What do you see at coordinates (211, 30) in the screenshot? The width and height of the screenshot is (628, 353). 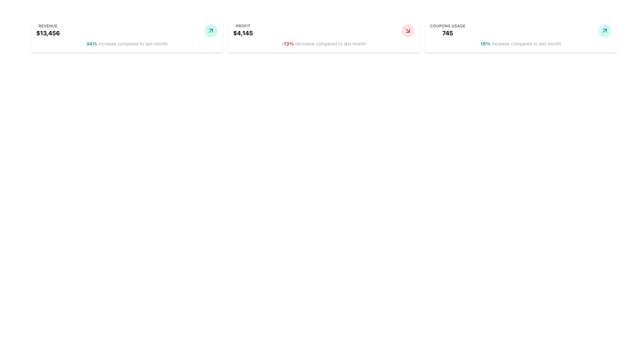 I see `the Decorative icon, which is a circular teal icon with an upward arrow, located in the upper-right corner of the 'Revenue $13,456' card` at bounding box center [211, 30].